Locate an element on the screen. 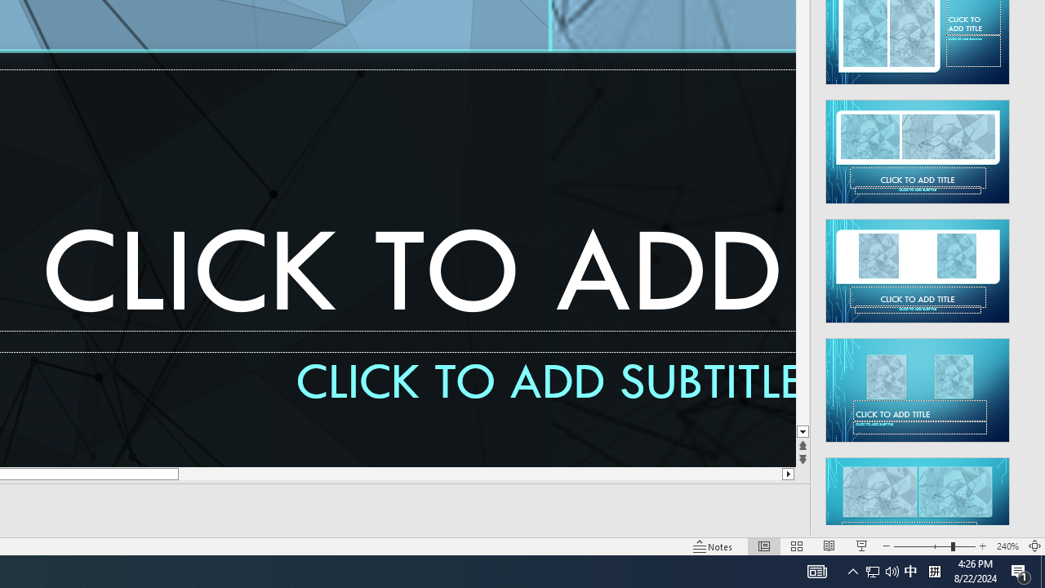 The height and width of the screenshot is (588, 1045). 'Zoom 240%' is located at coordinates (1007, 546).